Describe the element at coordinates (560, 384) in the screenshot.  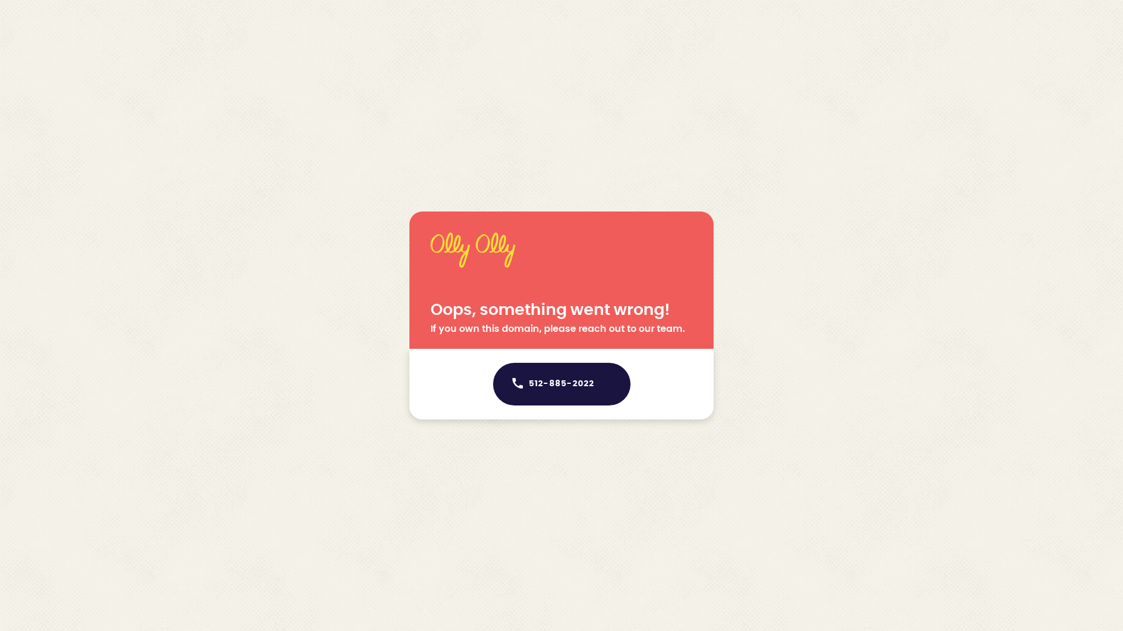
I see `'512-885-2022'` at that location.